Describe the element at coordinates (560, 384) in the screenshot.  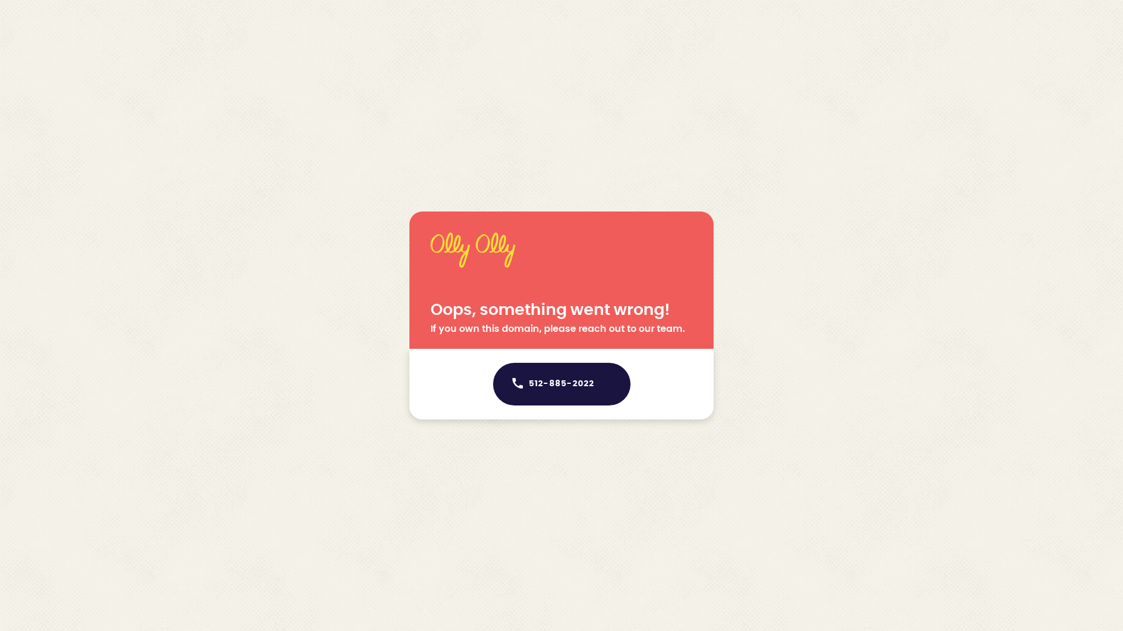
I see `'512-885-2022'` at that location.